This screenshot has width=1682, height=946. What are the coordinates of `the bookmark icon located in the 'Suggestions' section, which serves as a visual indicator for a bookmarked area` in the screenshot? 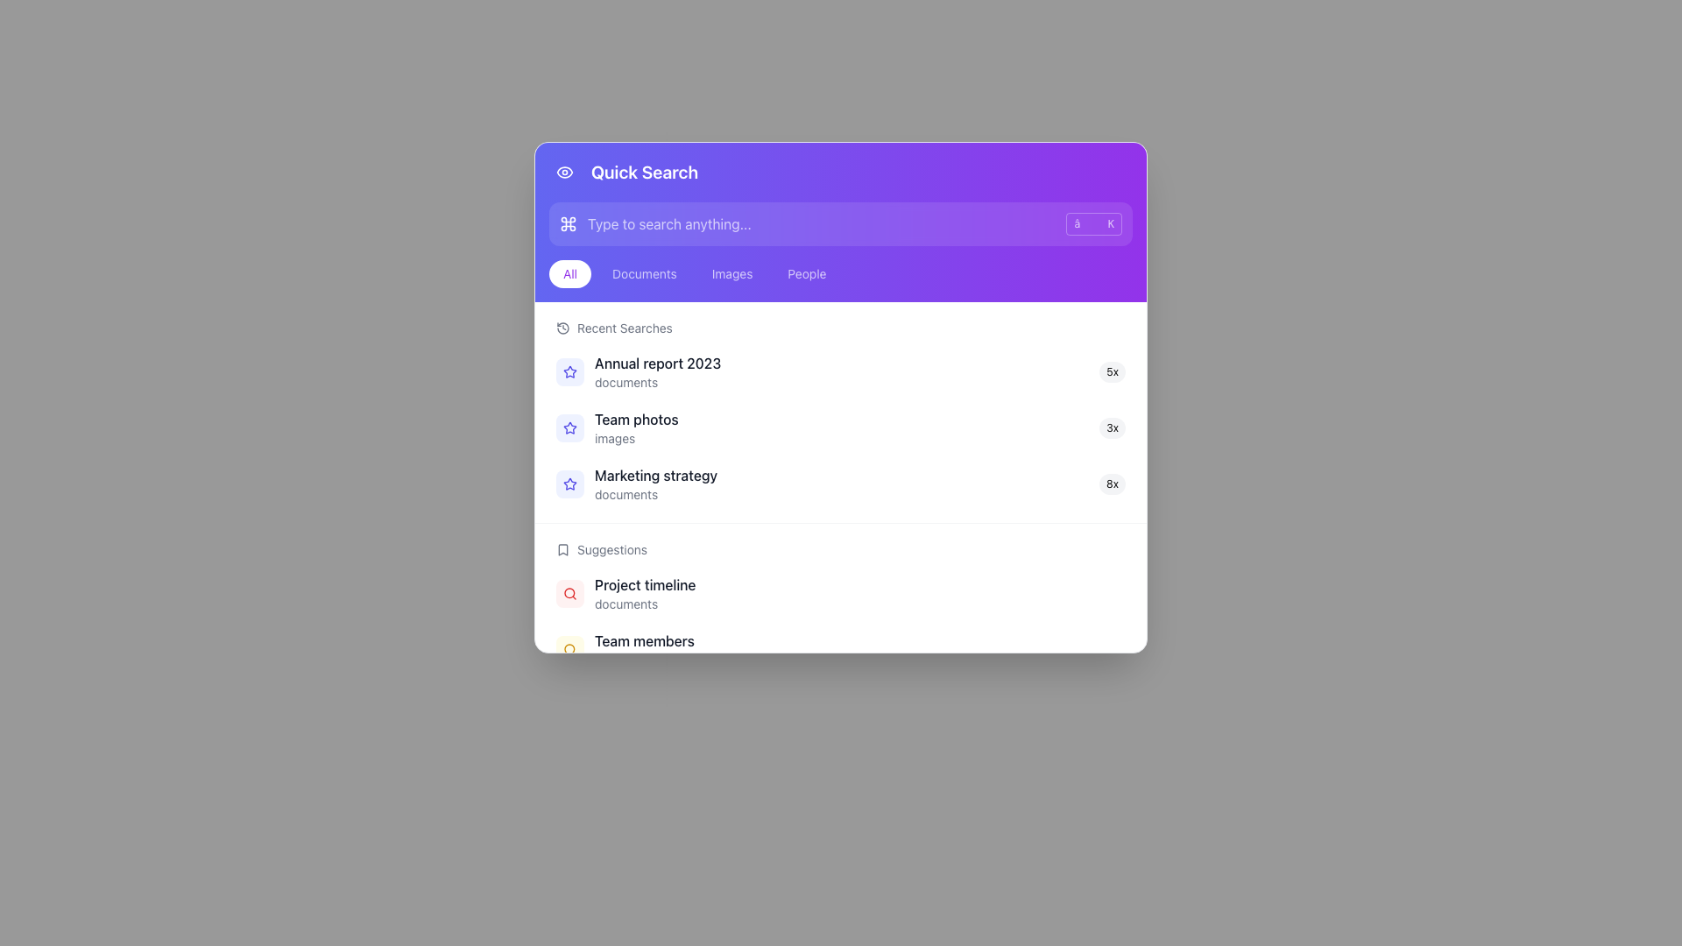 It's located at (563, 549).